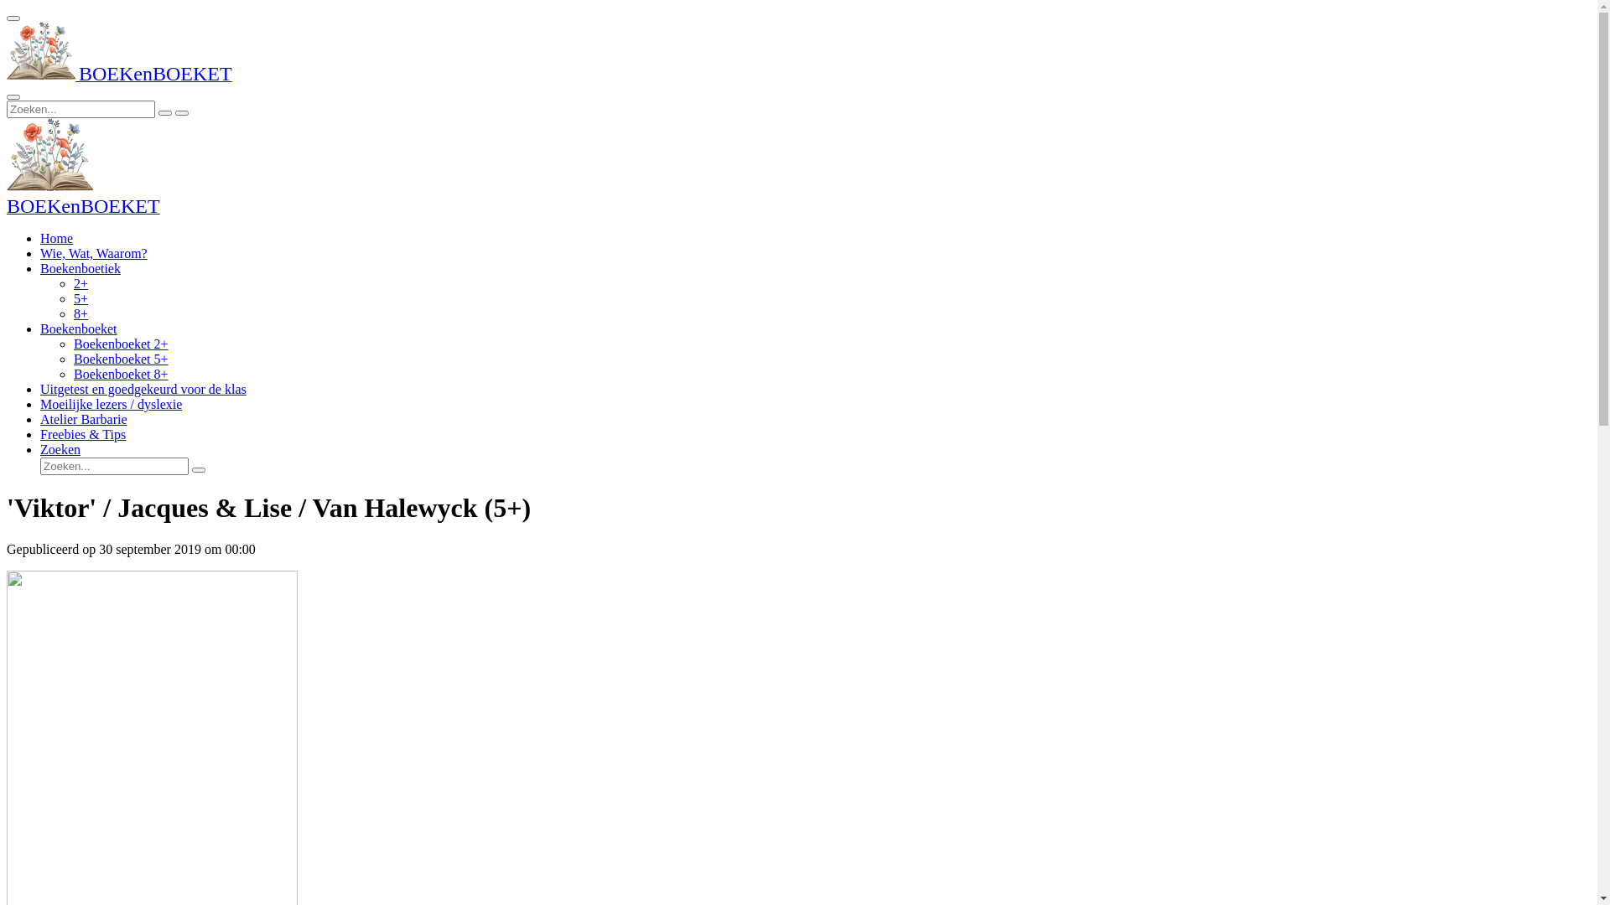 This screenshot has height=905, width=1610. What do you see at coordinates (110, 404) in the screenshot?
I see `'Moeilijke lezers / dyslexie'` at bounding box center [110, 404].